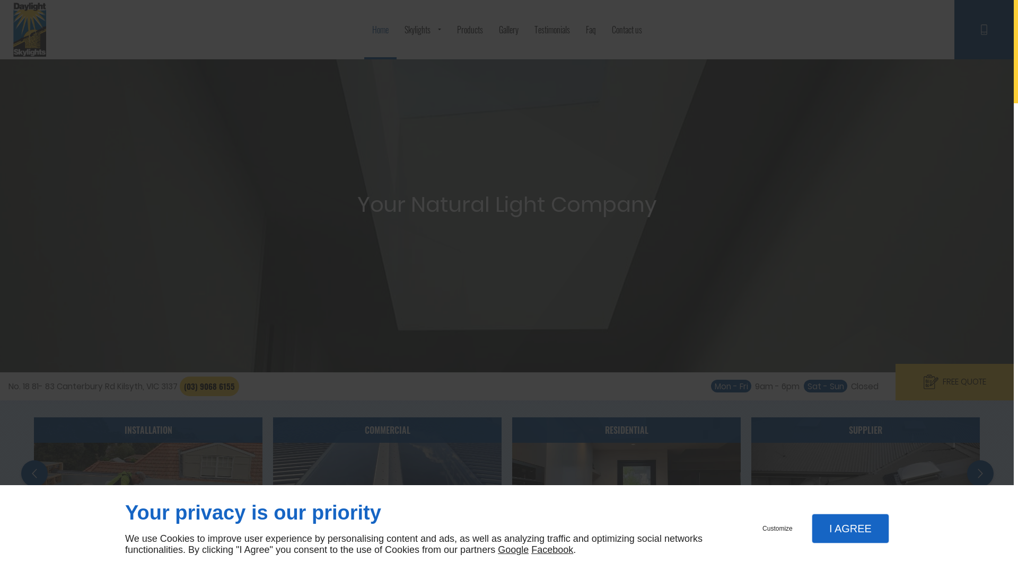  I want to click on 'Contact us', so click(603, 29).